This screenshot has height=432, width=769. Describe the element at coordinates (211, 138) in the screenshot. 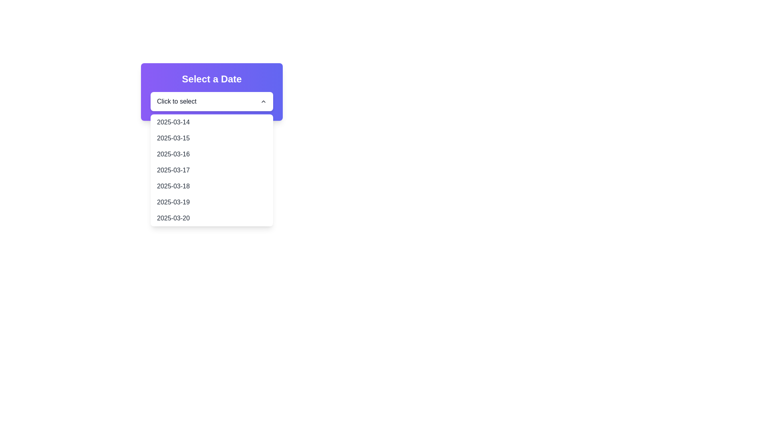

I see `the dropdown menu item displaying the date '2025-03-15'` at that location.